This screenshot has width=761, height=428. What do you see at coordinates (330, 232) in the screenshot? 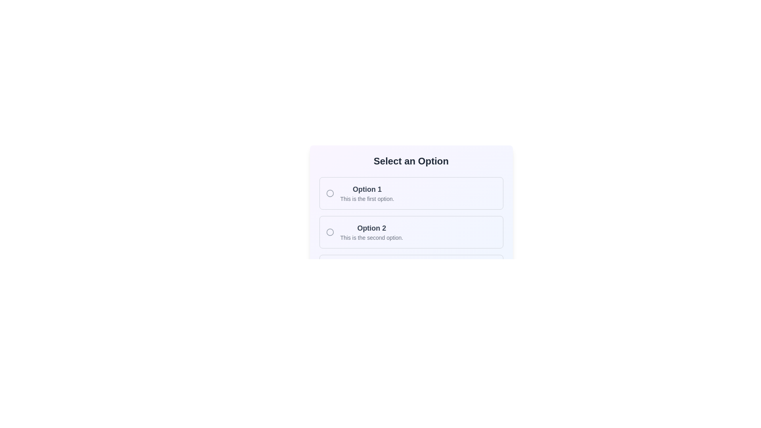
I see `the unselected radio button located to the left of the text 'Option 2'` at bounding box center [330, 232].